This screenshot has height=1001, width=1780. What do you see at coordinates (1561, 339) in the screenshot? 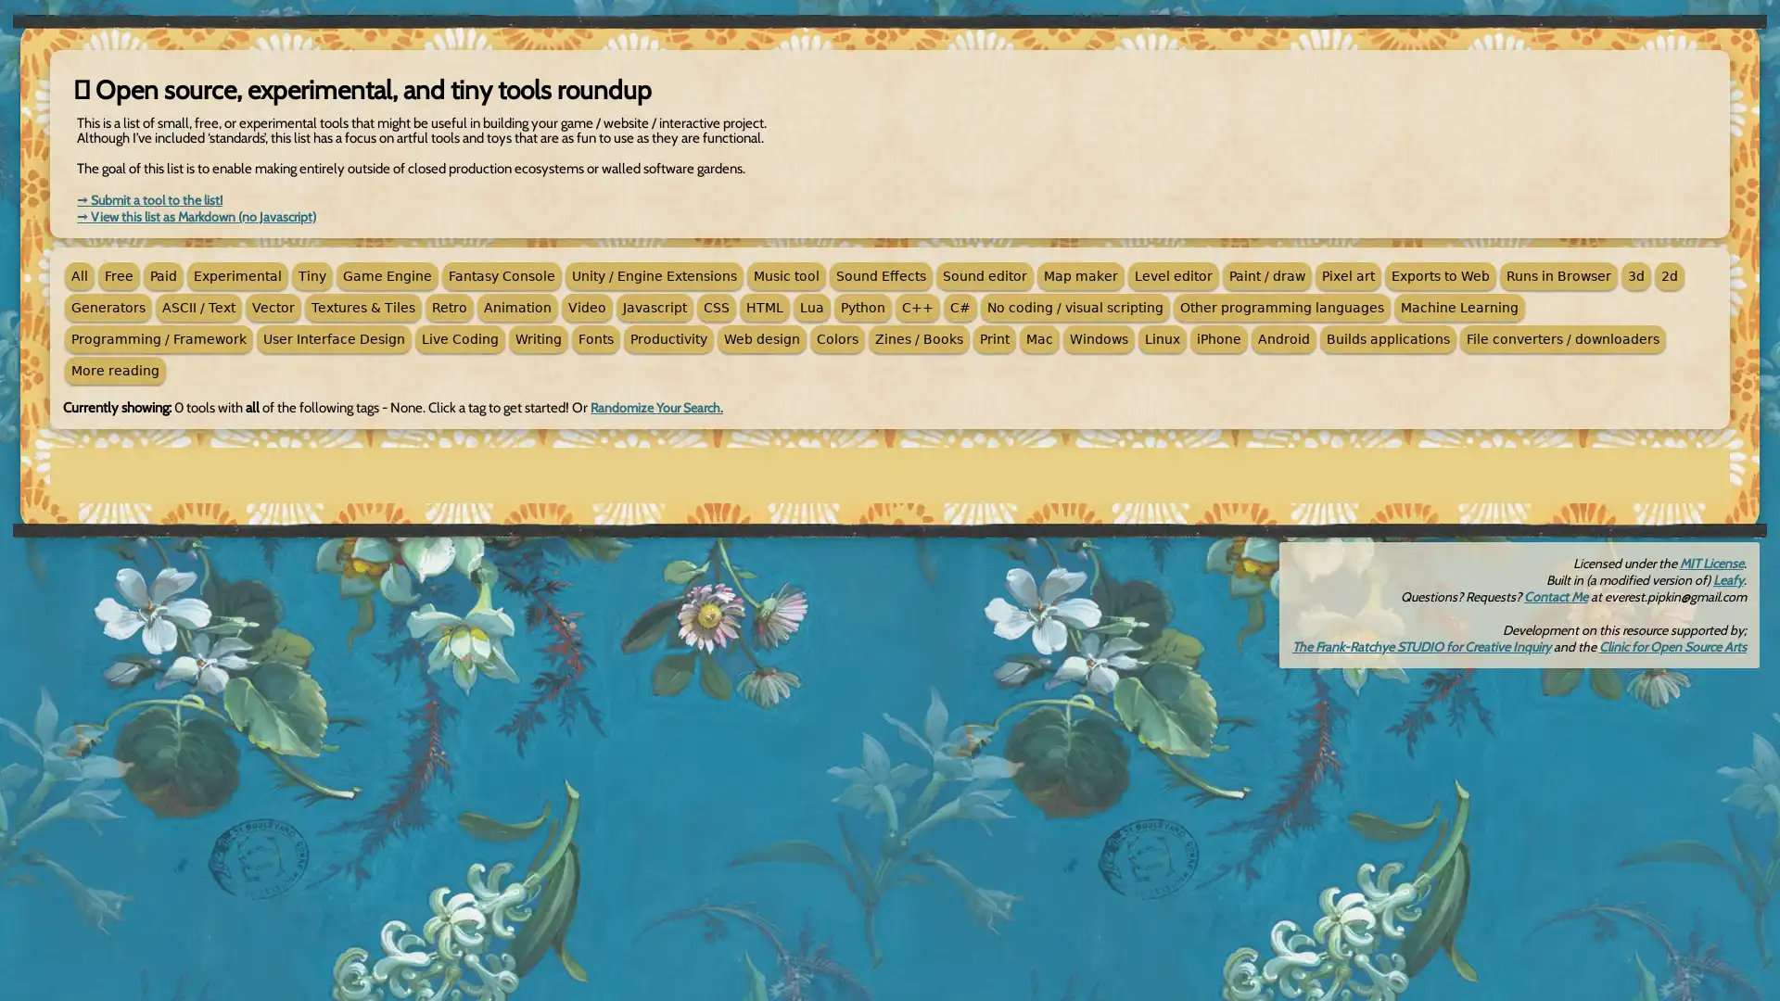
I see `File converters / downloaders` at bounding box center [1561, 339].